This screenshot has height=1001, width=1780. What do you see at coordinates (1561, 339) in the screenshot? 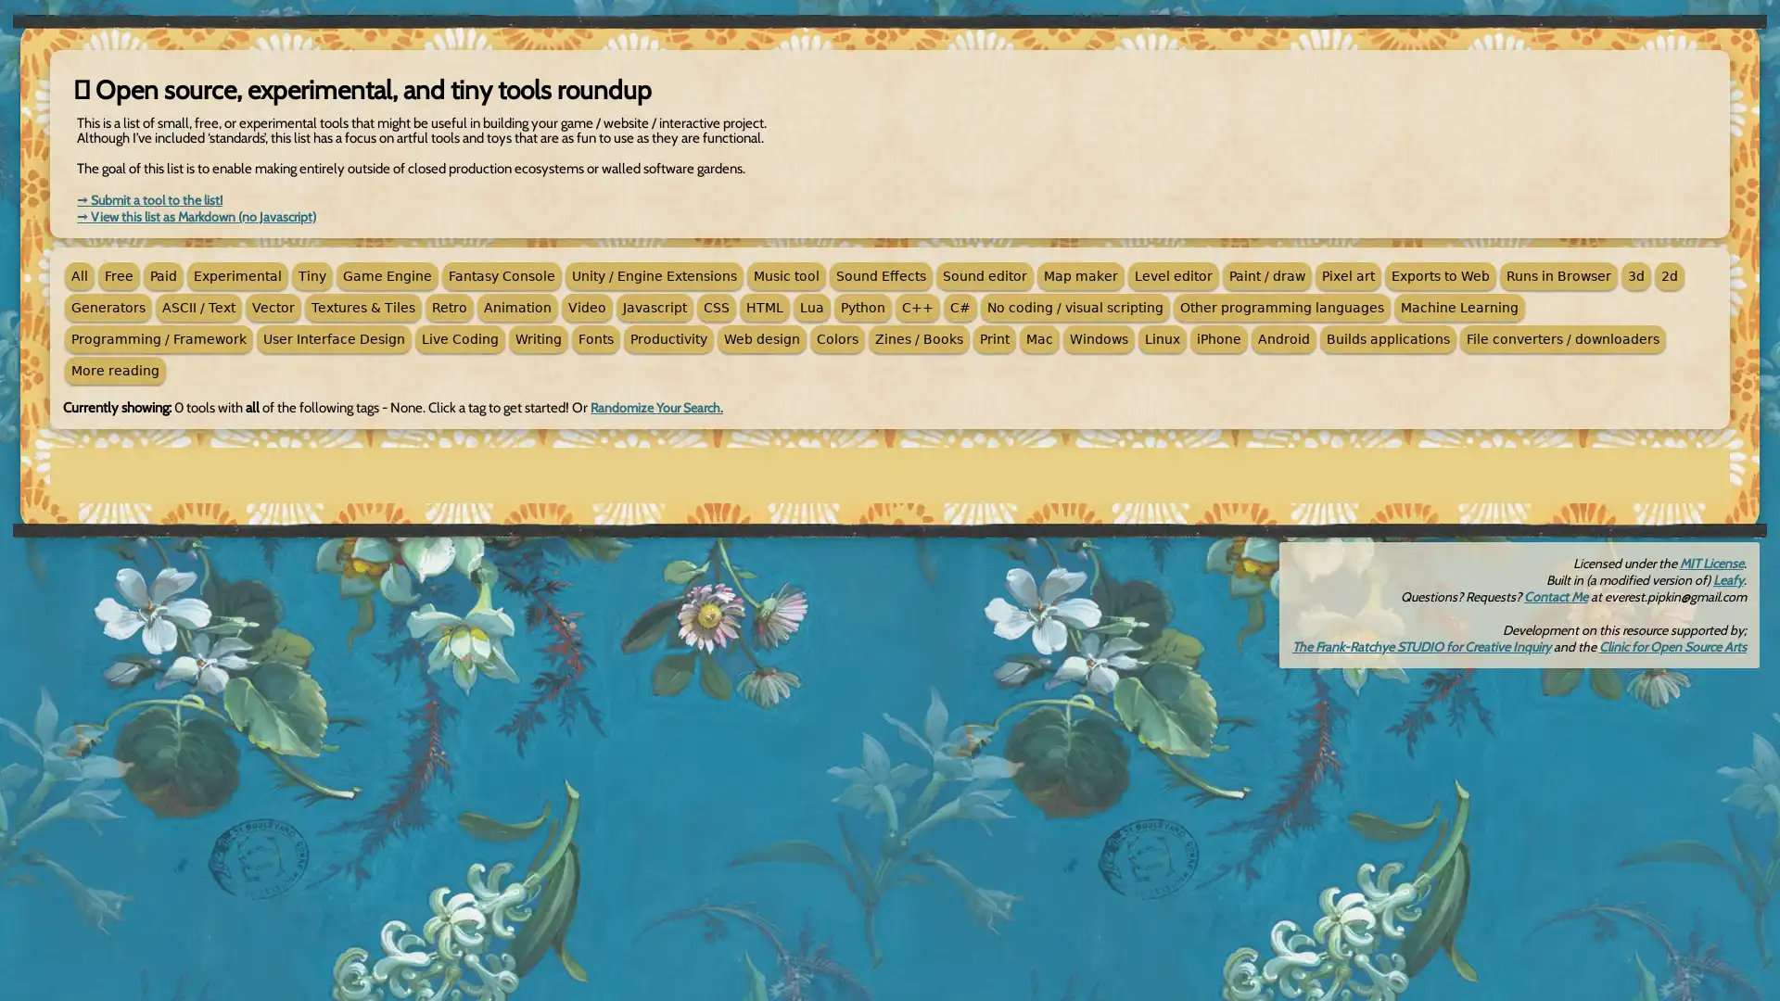
I see `File converters / downloaders` at bounding box center [1561, 339].